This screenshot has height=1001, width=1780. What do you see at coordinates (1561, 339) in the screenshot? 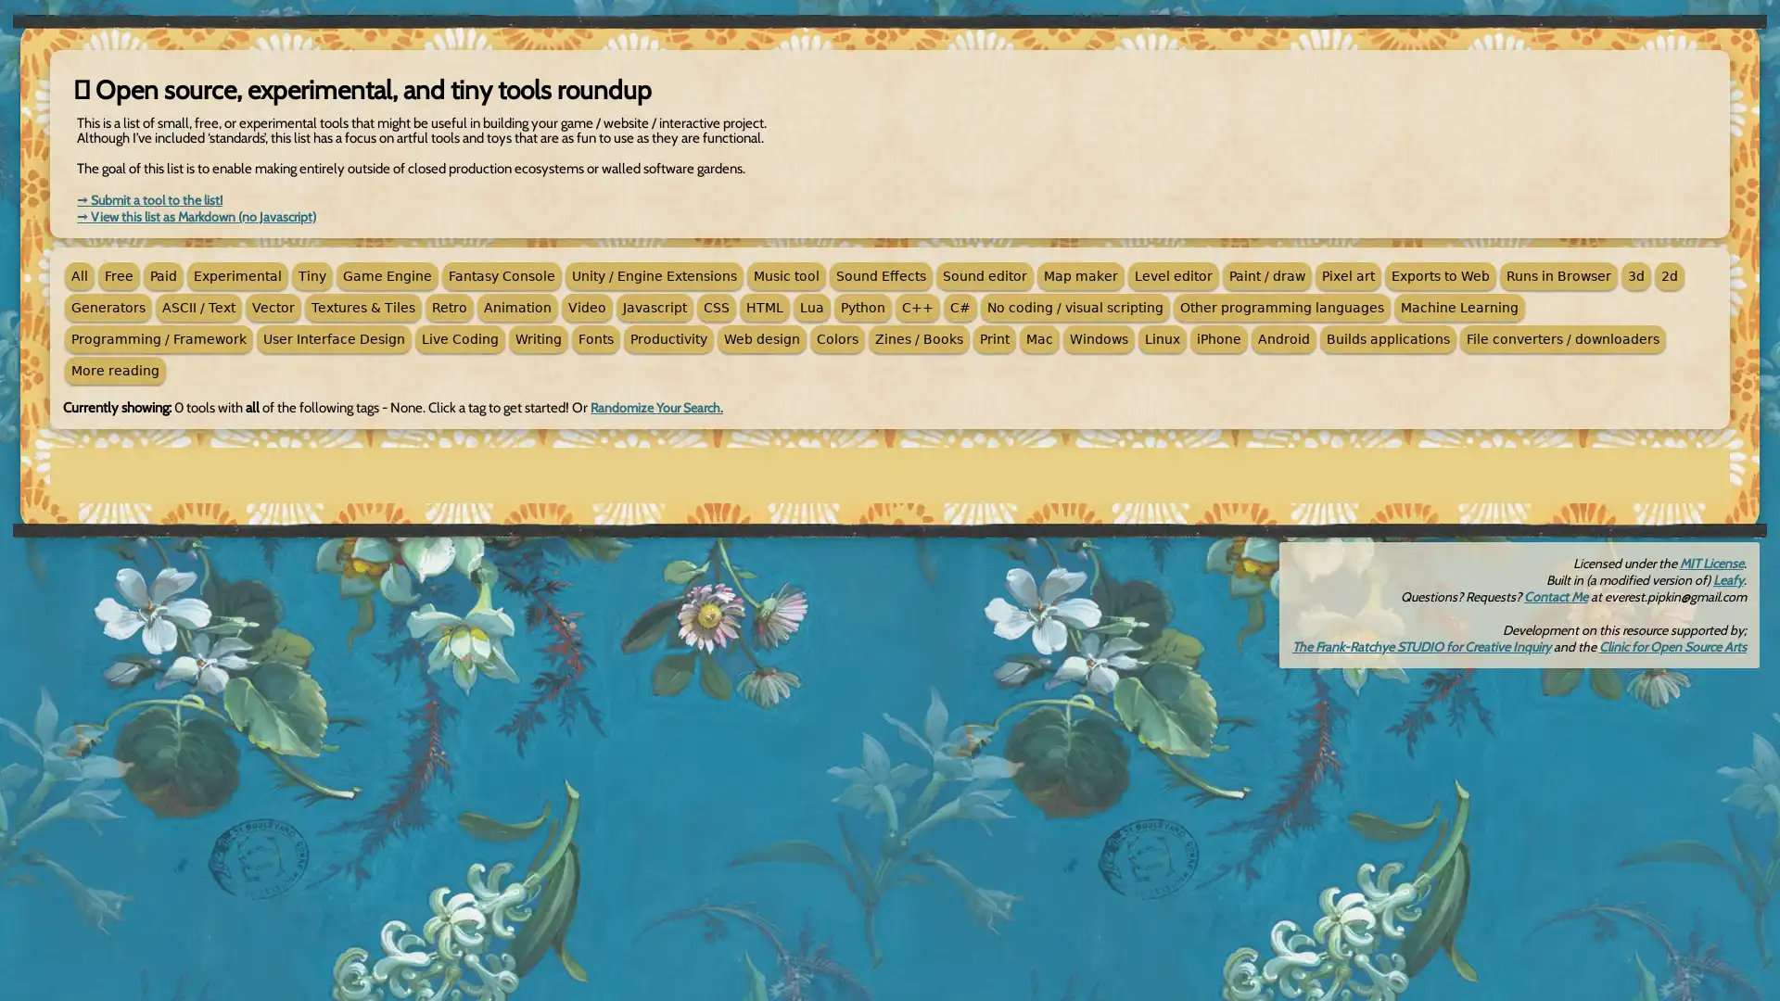
I see `File converters / downloaders` at bounding box center [1561, 339].